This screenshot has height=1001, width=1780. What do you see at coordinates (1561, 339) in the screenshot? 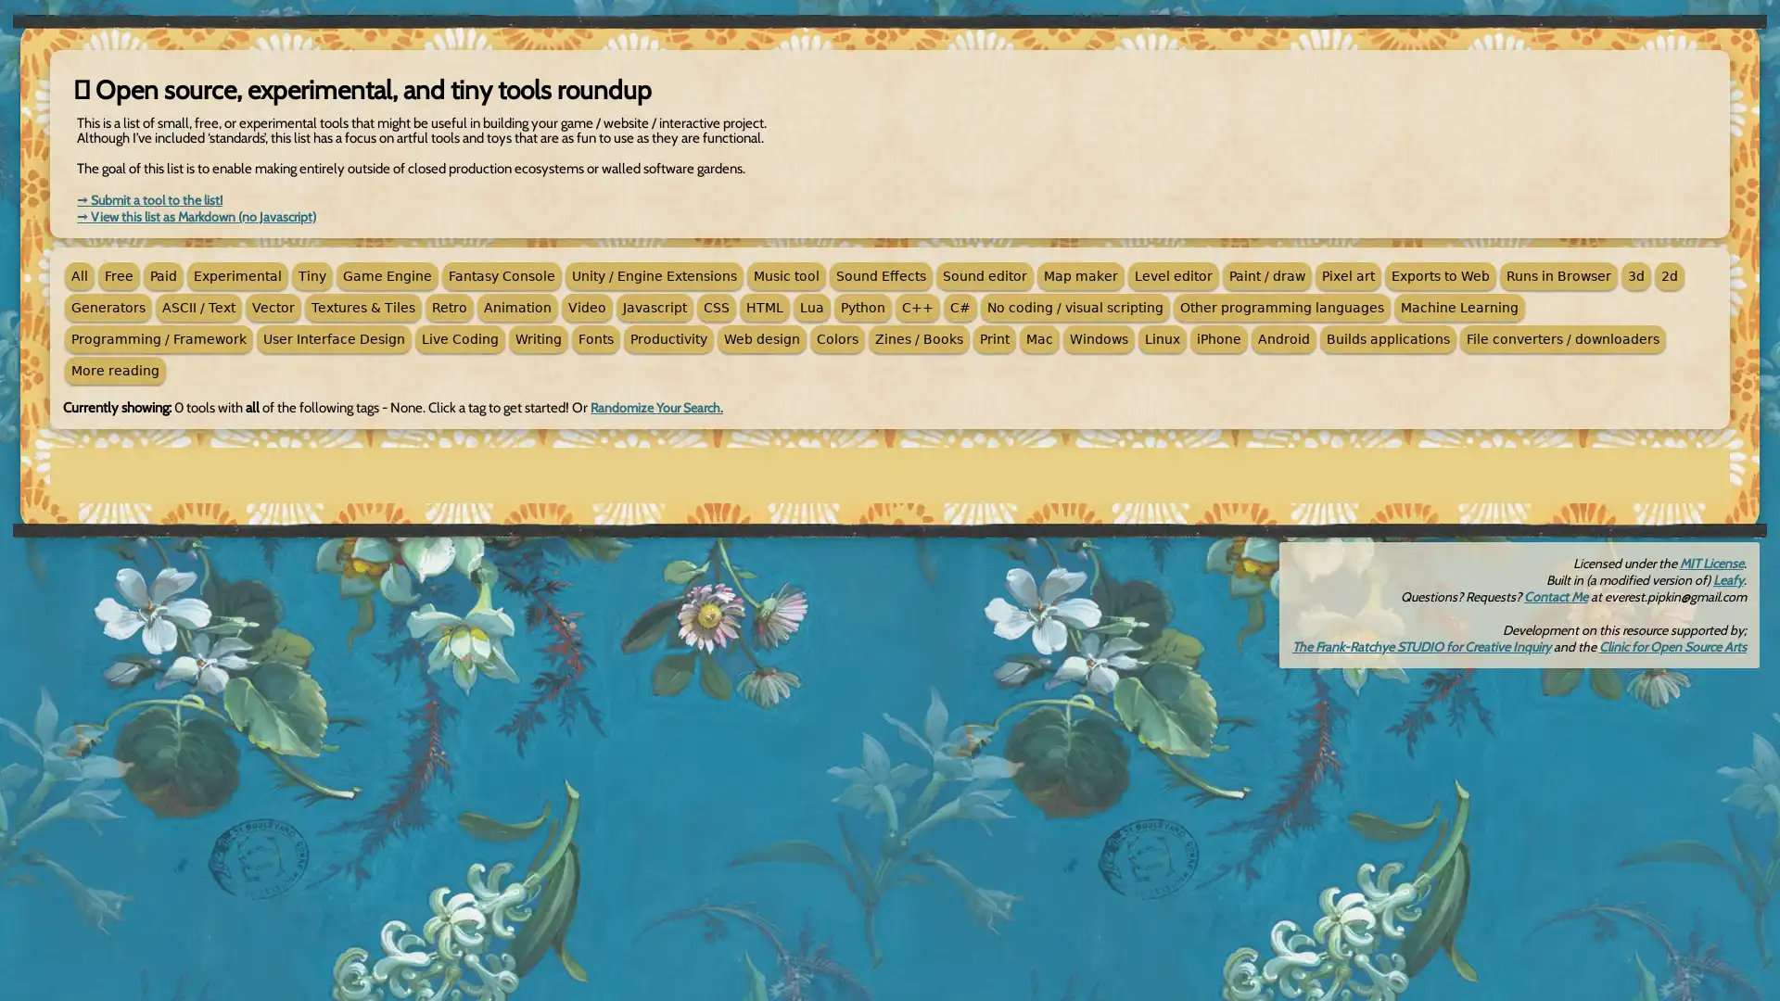
I see `File converters / downloaders` at bounding box center [1561, 339].